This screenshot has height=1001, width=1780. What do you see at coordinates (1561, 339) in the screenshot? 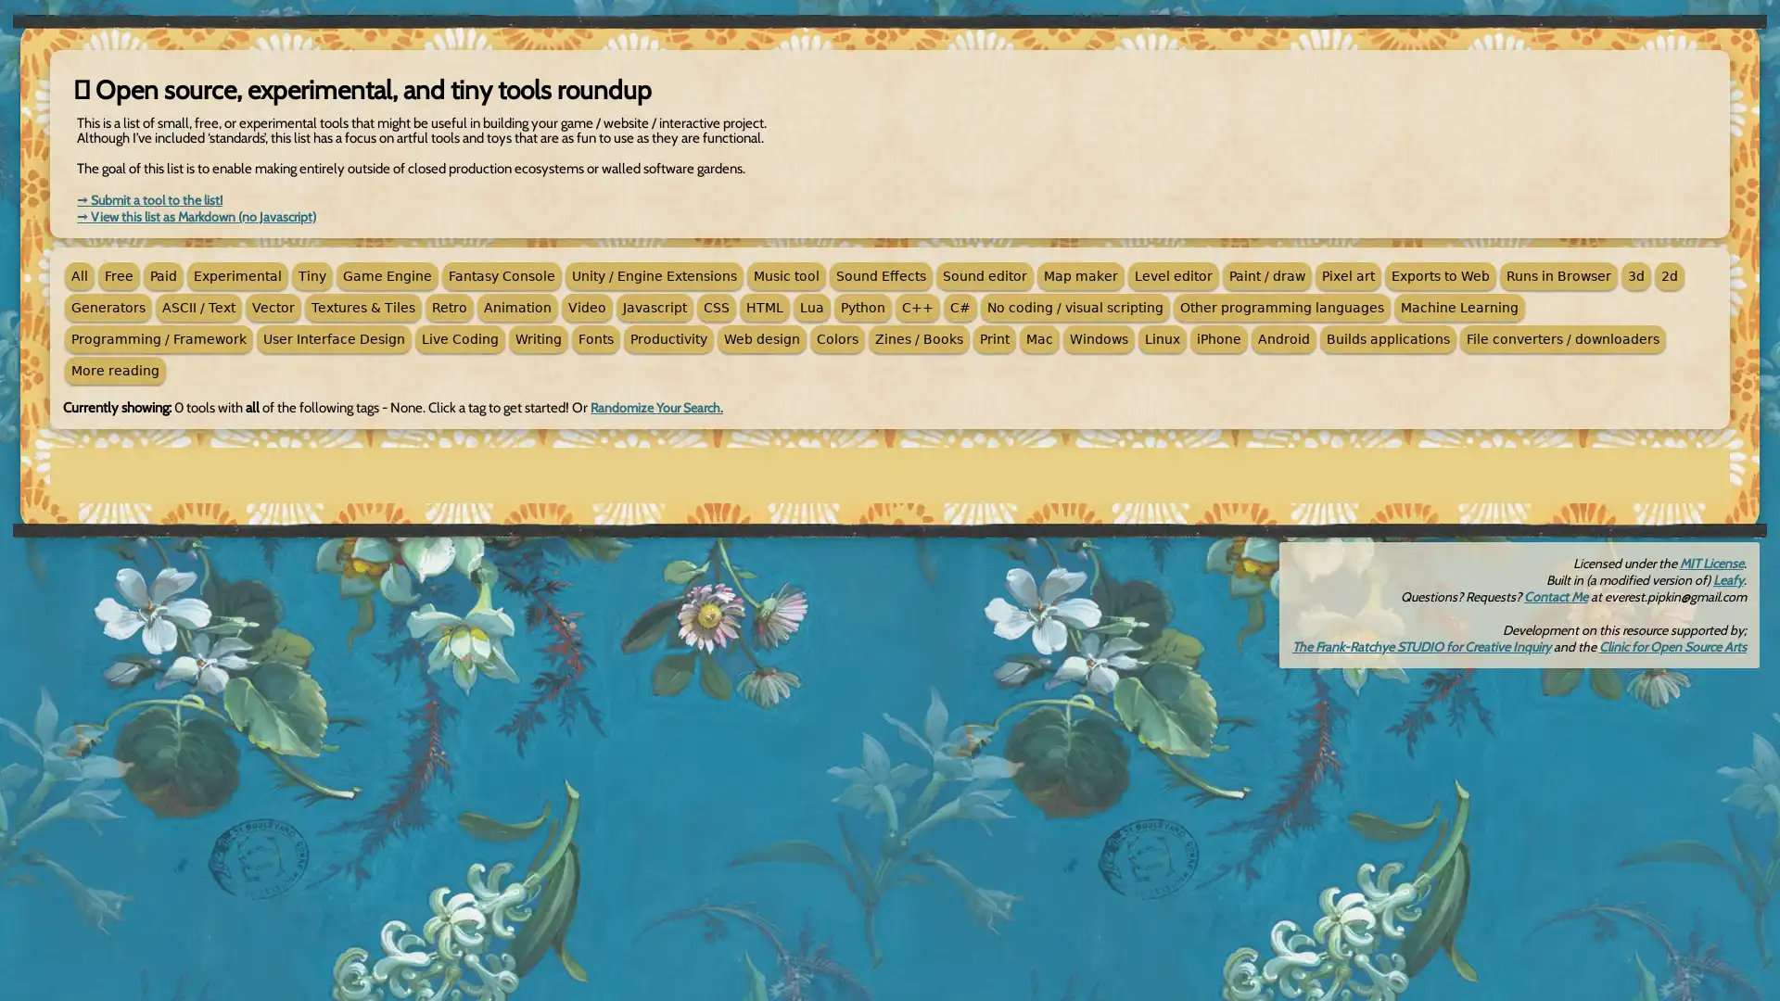
I see `File converters / downloaders` at bounding box center [1561, 339].